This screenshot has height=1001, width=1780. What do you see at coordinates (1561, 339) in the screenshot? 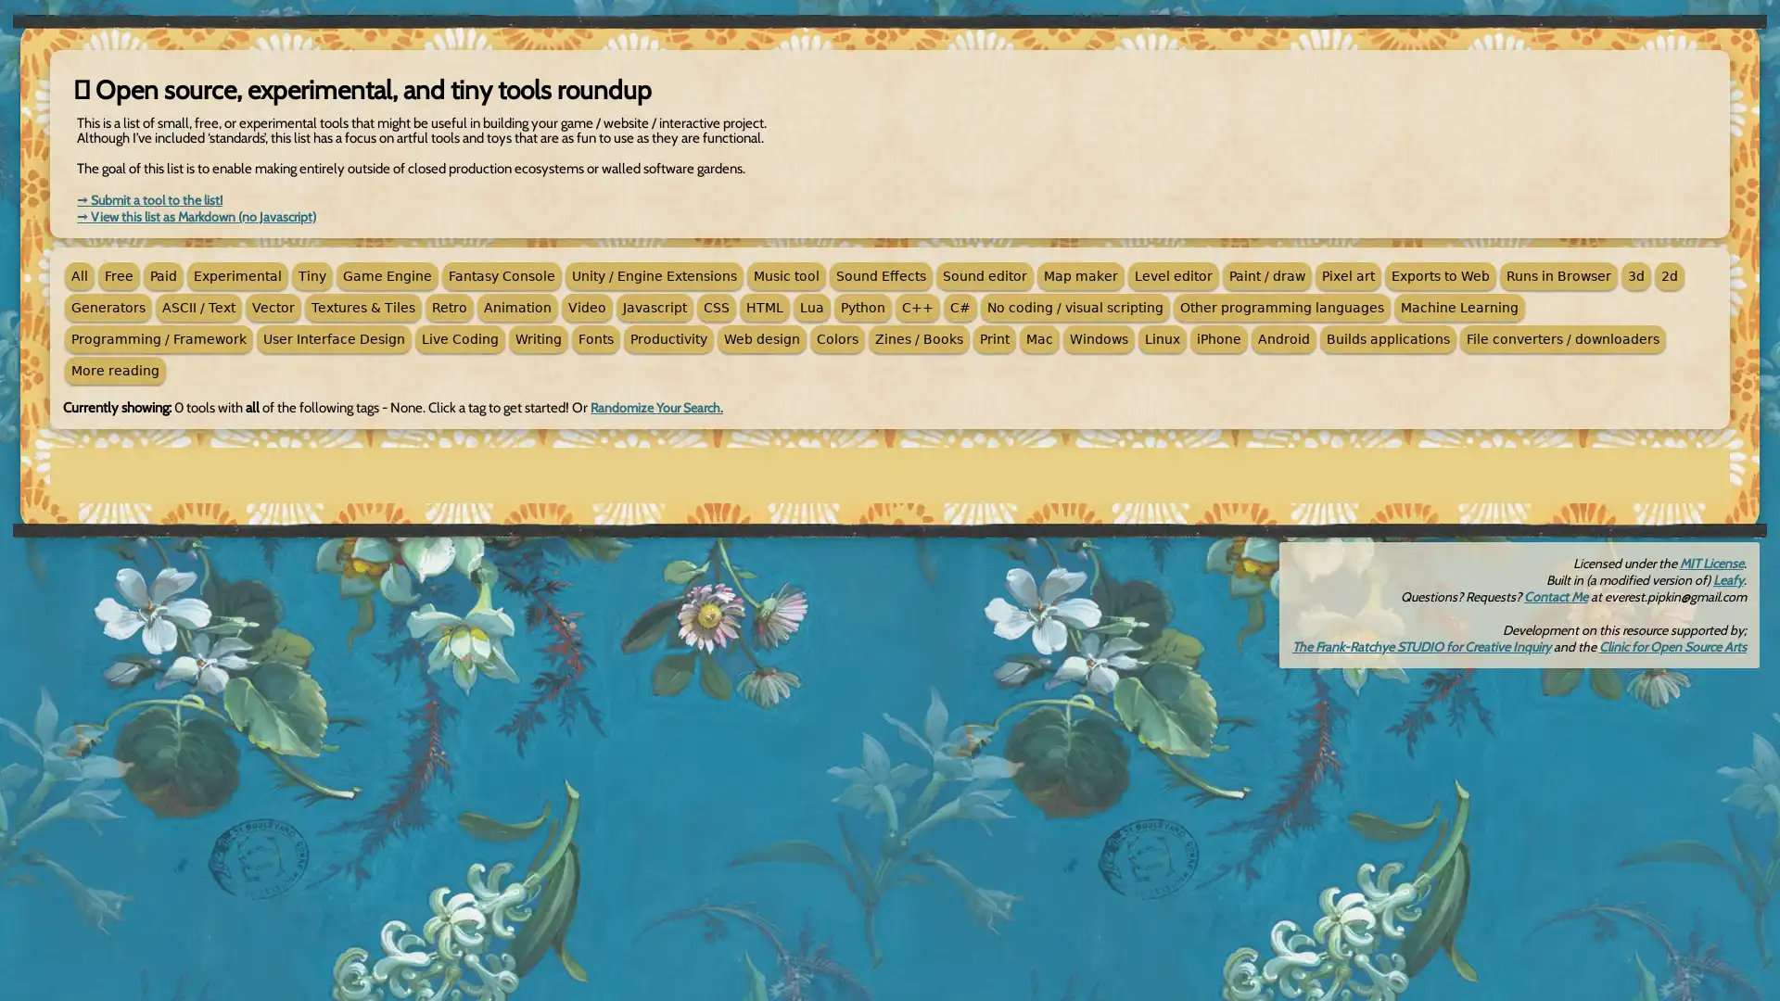
I see `File converters / downloaders` at bounding box center [1561, 339].